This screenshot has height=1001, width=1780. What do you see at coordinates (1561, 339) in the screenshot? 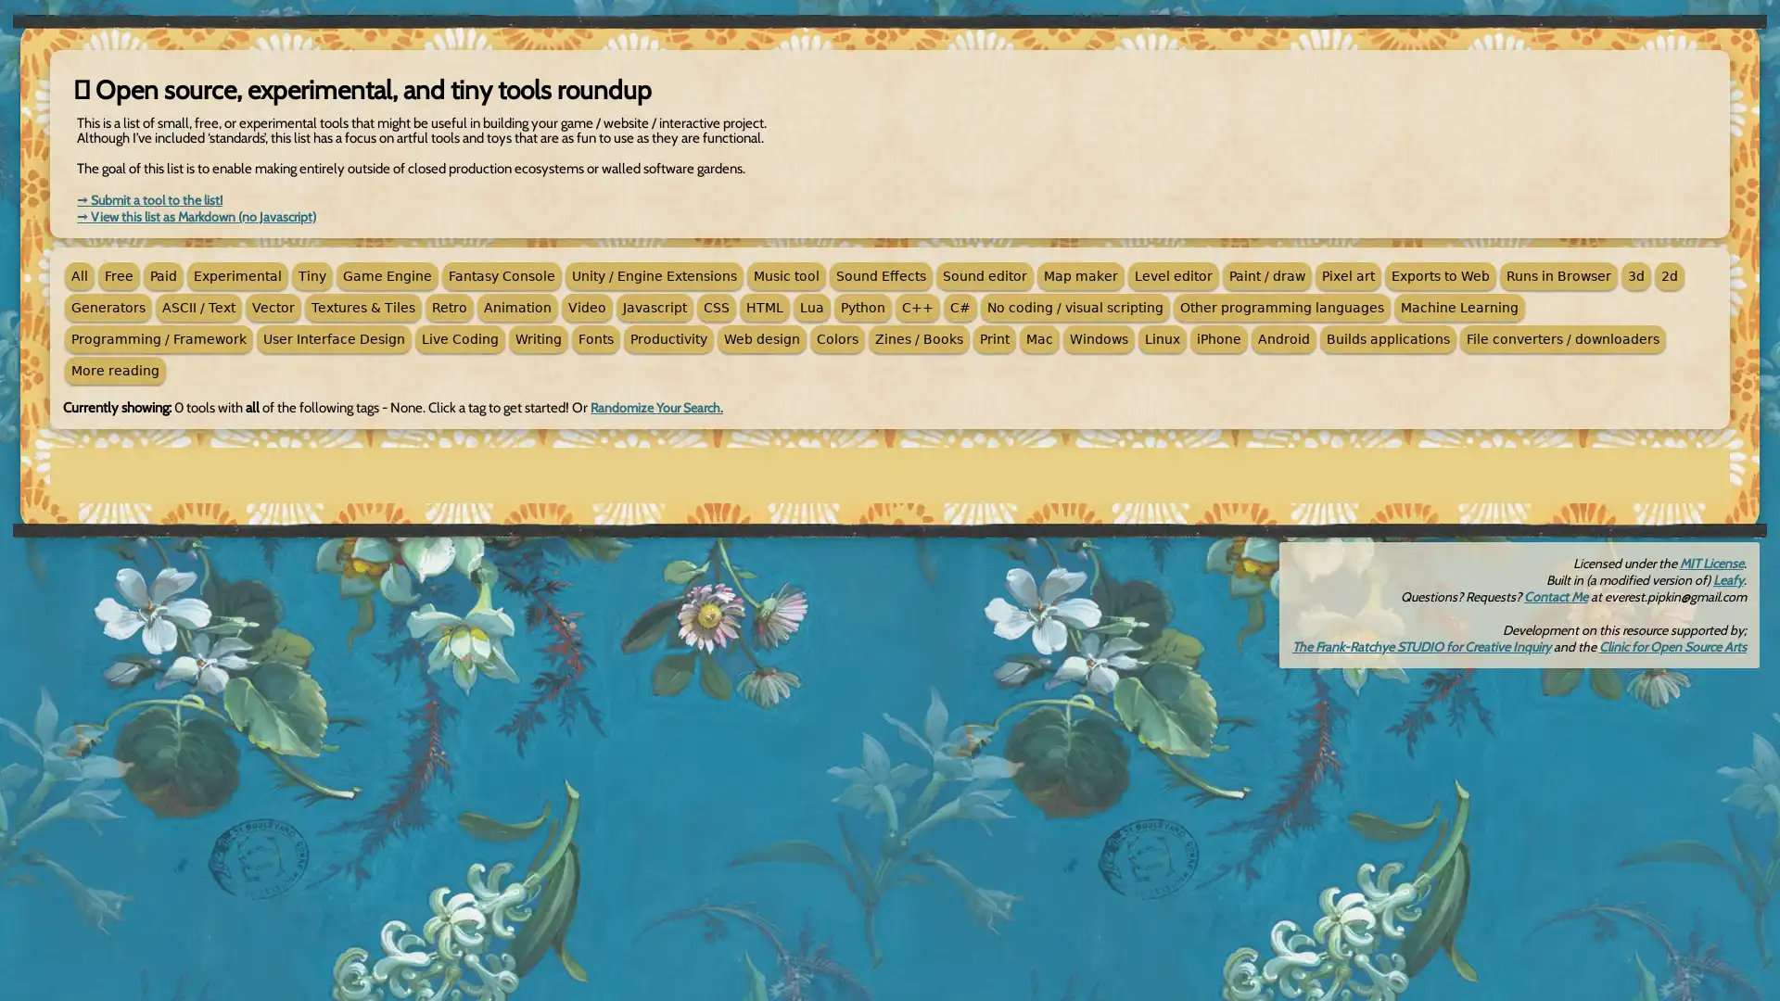
I see `File converters / downloaders` at bounding box center [1561, 339].